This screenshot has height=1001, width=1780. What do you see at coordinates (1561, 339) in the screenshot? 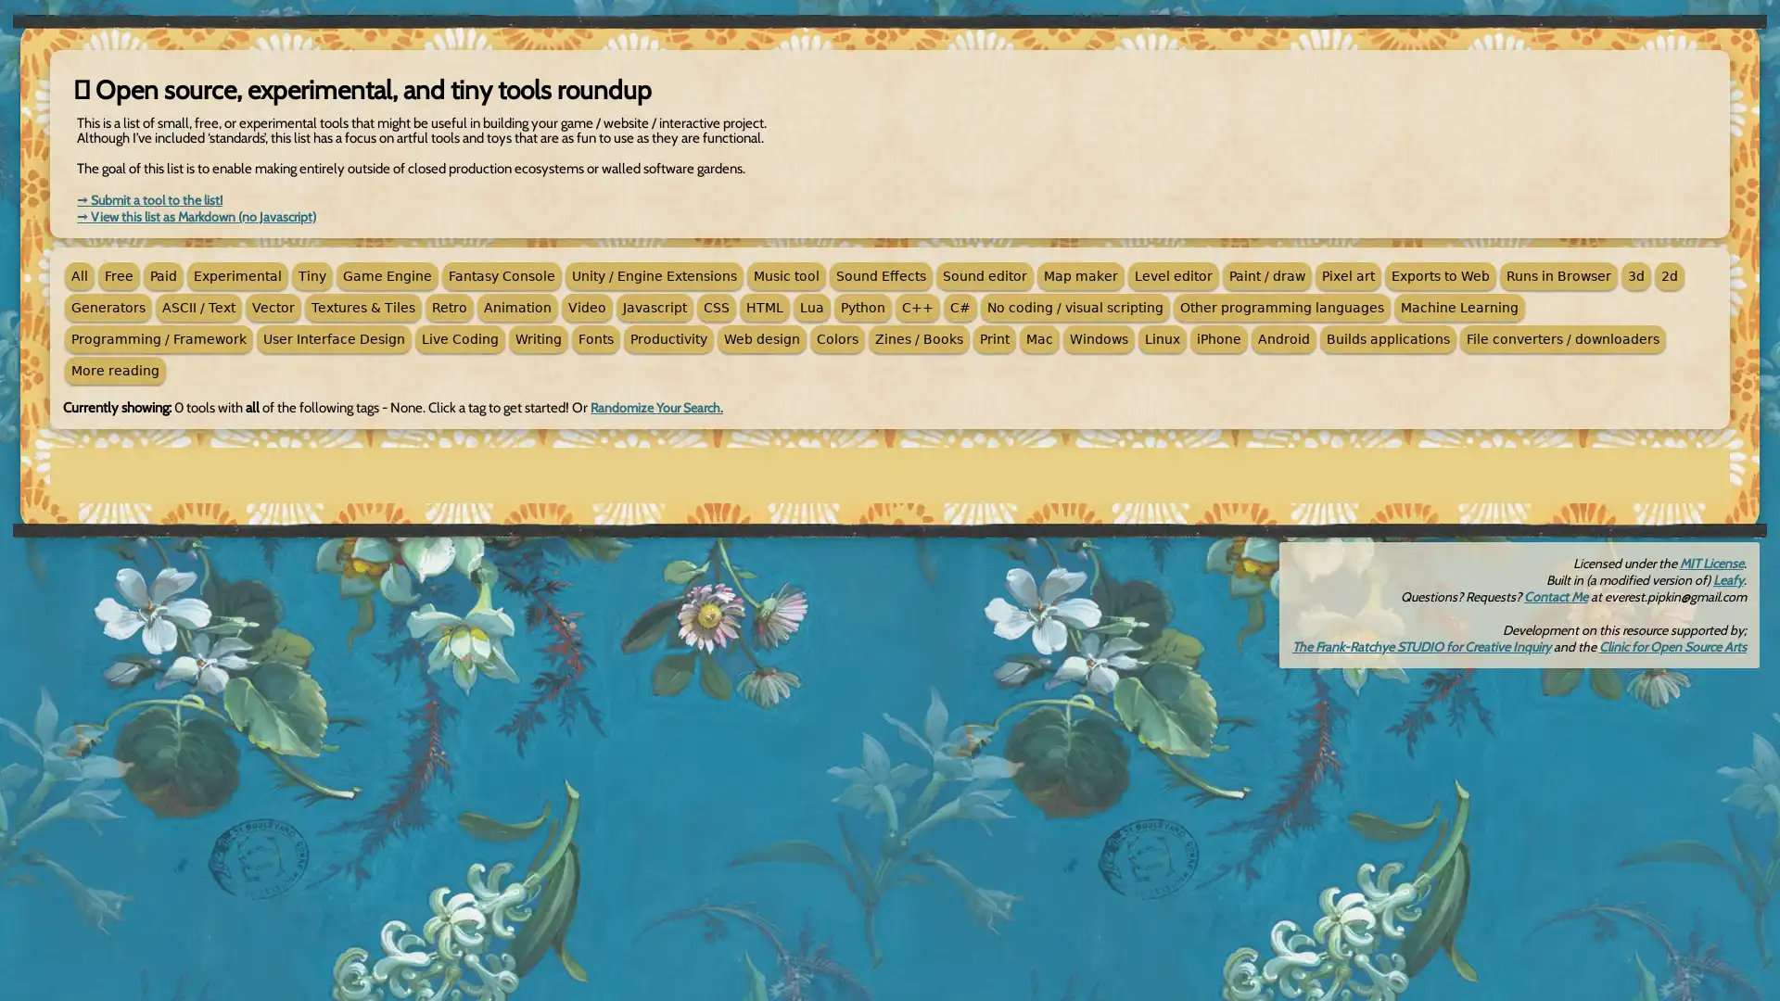
I see `File converters / downloaders` at bounding box center [1561, 339].